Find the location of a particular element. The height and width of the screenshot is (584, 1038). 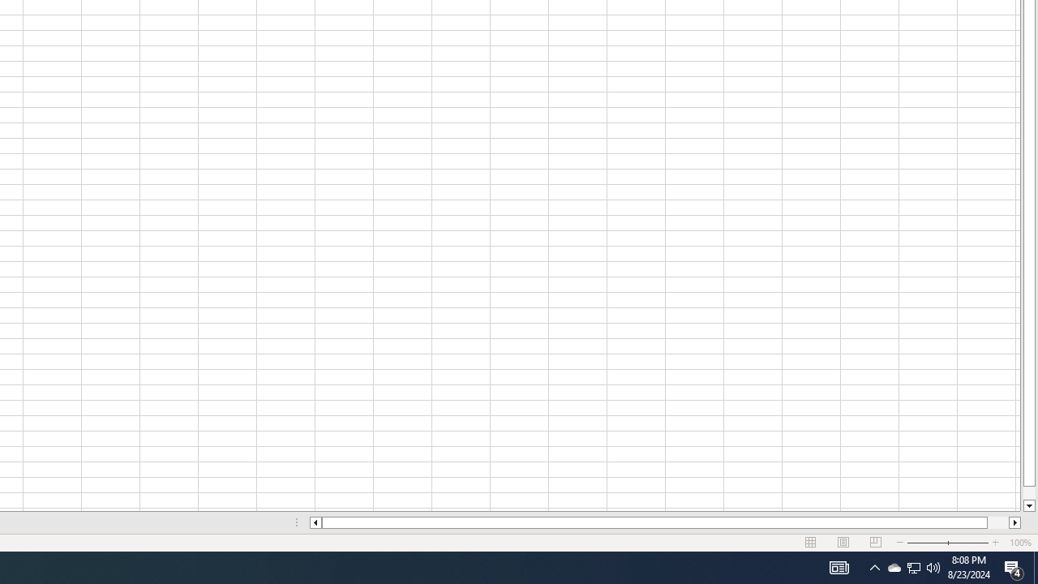

'Page Break Preview' is located at coordinates (874, 543).